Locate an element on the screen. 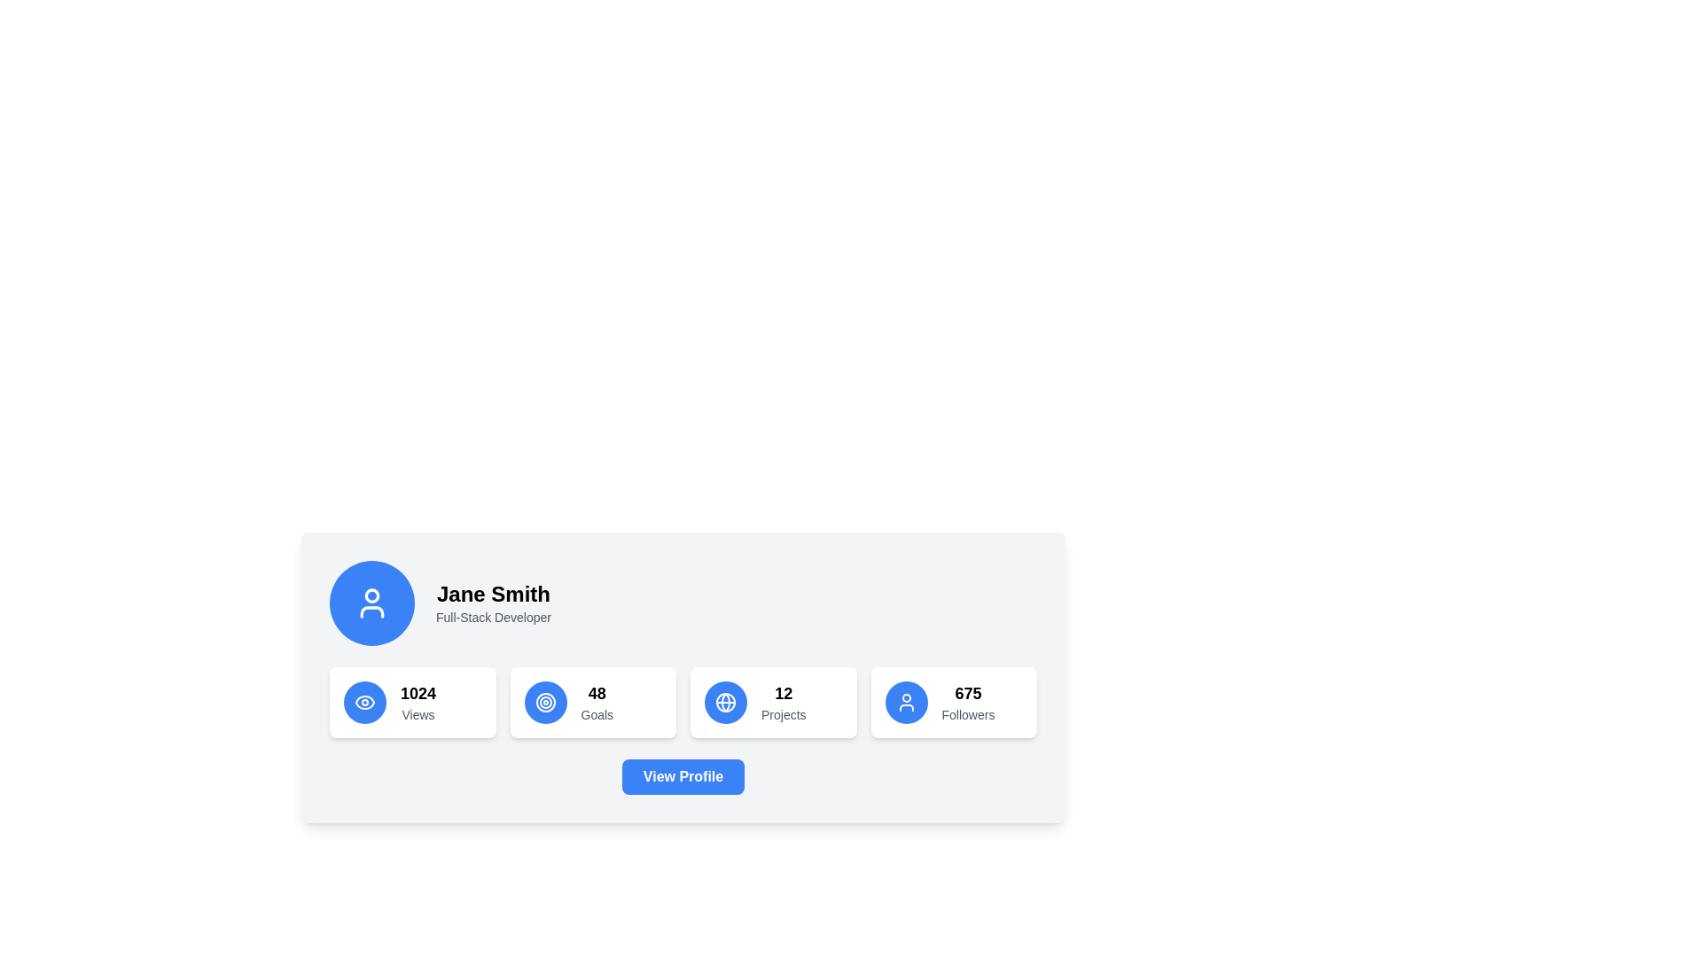 The image size is (1702, 957). the decorative graphic component of the user avatar icon located in the lower portion of the avatar on the left side of the user card interface is located at coordinates (371, 611).